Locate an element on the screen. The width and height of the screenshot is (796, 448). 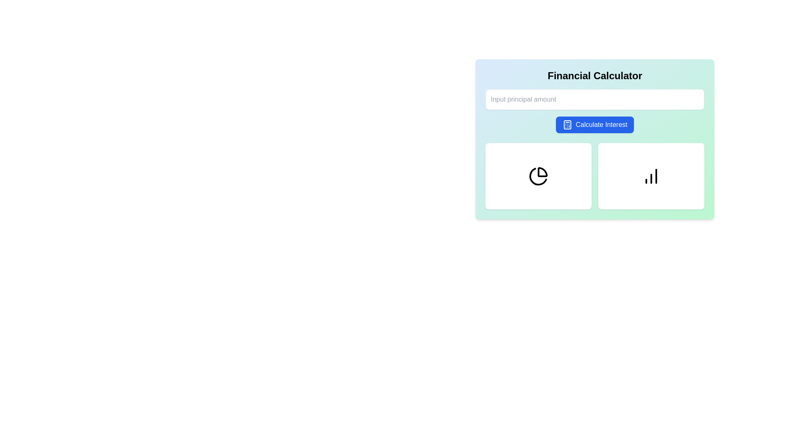
the bar chart icon located in the bottom right corner of the main card area, positioned directly to the right of the pie chart icon is located at coordinates (650, 175).